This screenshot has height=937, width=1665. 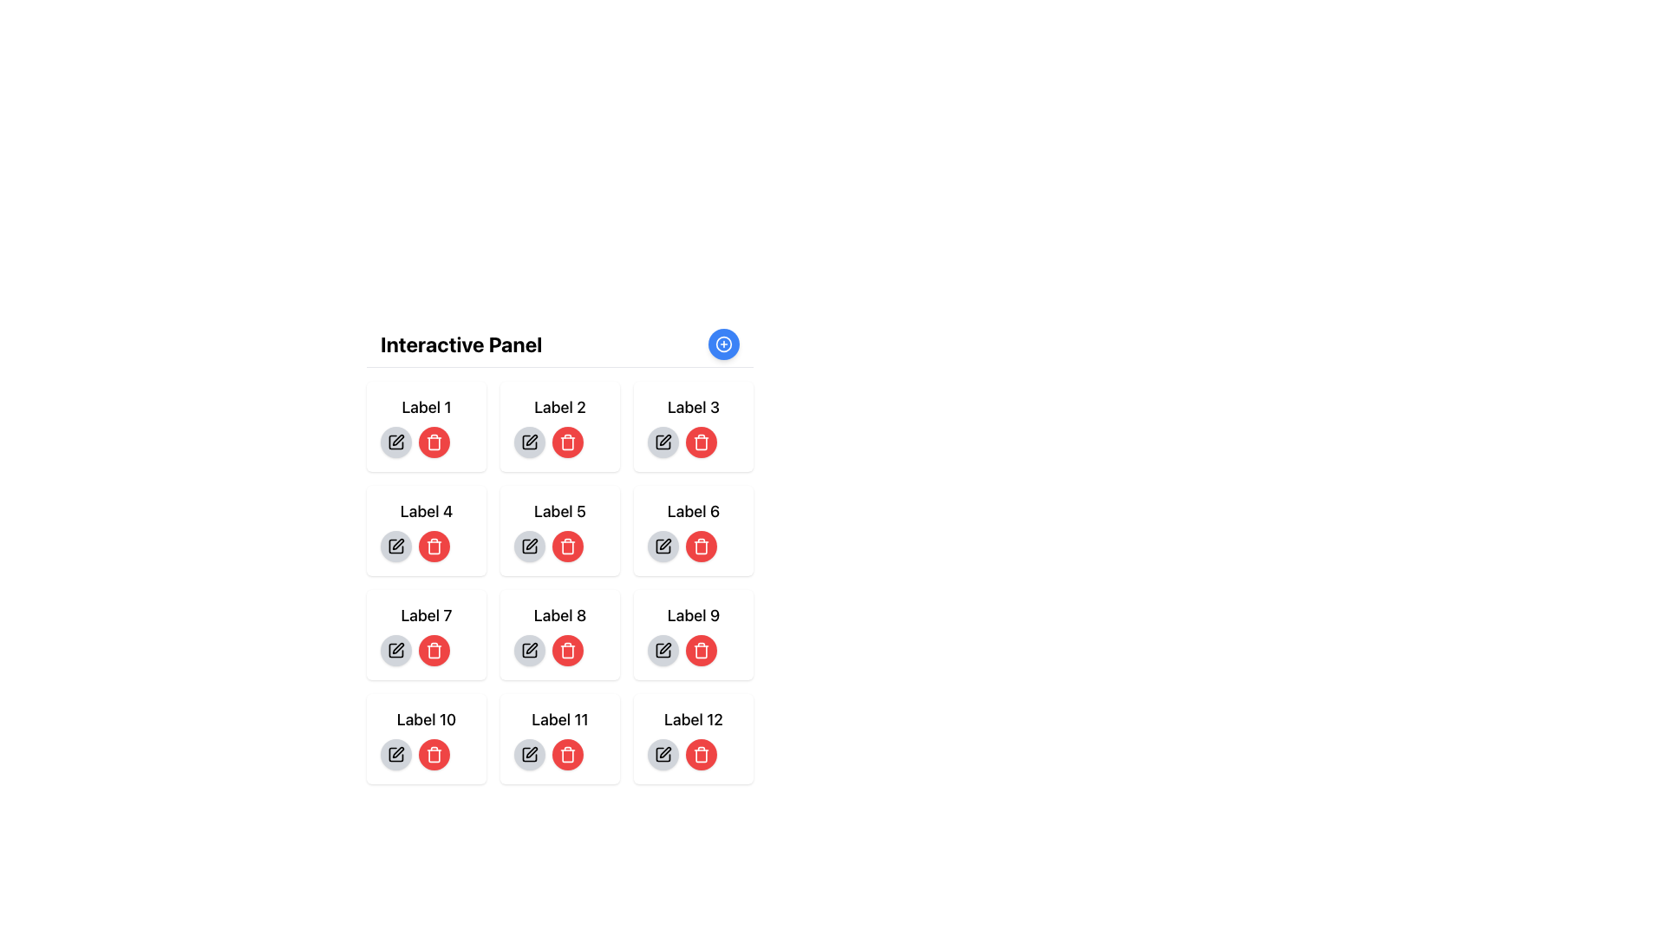 I want to click on the circular red delete button with a white trash can icon located in the card labeled 'Label 4' on the right side of the fourth row, so click(x=434, y=545).